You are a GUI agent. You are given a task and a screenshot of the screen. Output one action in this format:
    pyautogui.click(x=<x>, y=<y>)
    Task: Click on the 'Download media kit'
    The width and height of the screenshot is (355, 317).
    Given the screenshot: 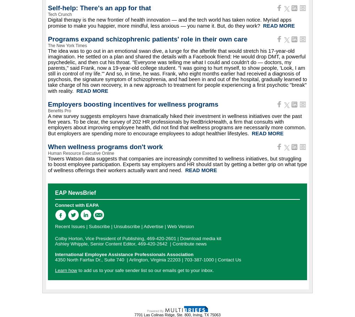 What is the action you would take?
    pyautogui.click(x=200, y=238)
    